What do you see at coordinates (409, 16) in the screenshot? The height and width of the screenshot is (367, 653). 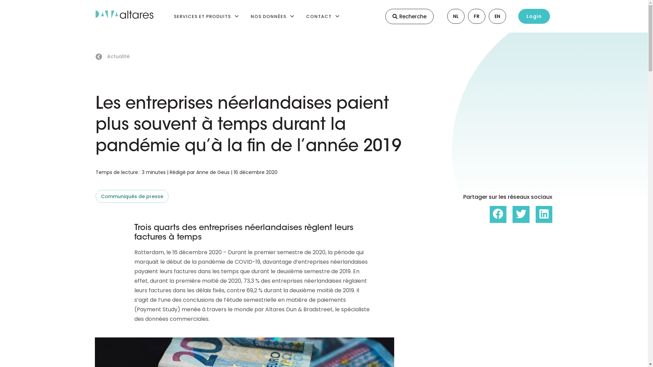 I see `'Recherche'` at bounding box center [409, 16].